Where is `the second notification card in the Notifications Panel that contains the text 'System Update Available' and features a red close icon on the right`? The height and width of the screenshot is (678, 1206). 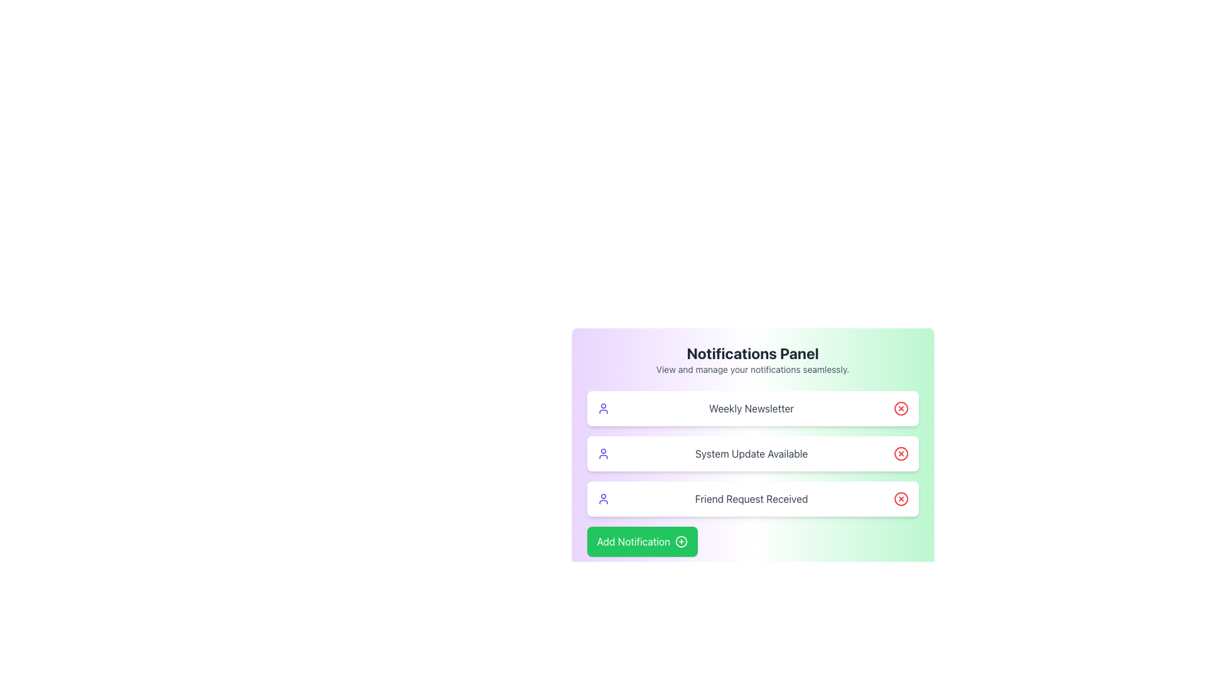 the second notification card in the Notifications Panel that contains the text 'System Update Available' and features a red close icon on the right is located at coordinates (752, 453).